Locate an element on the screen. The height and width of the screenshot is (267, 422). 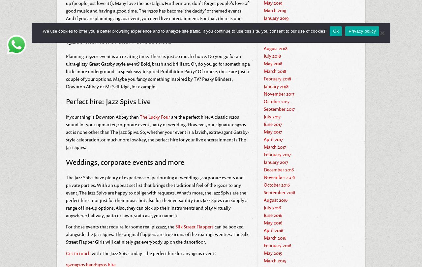
'July 2017' is located at coordinates (272, 116).